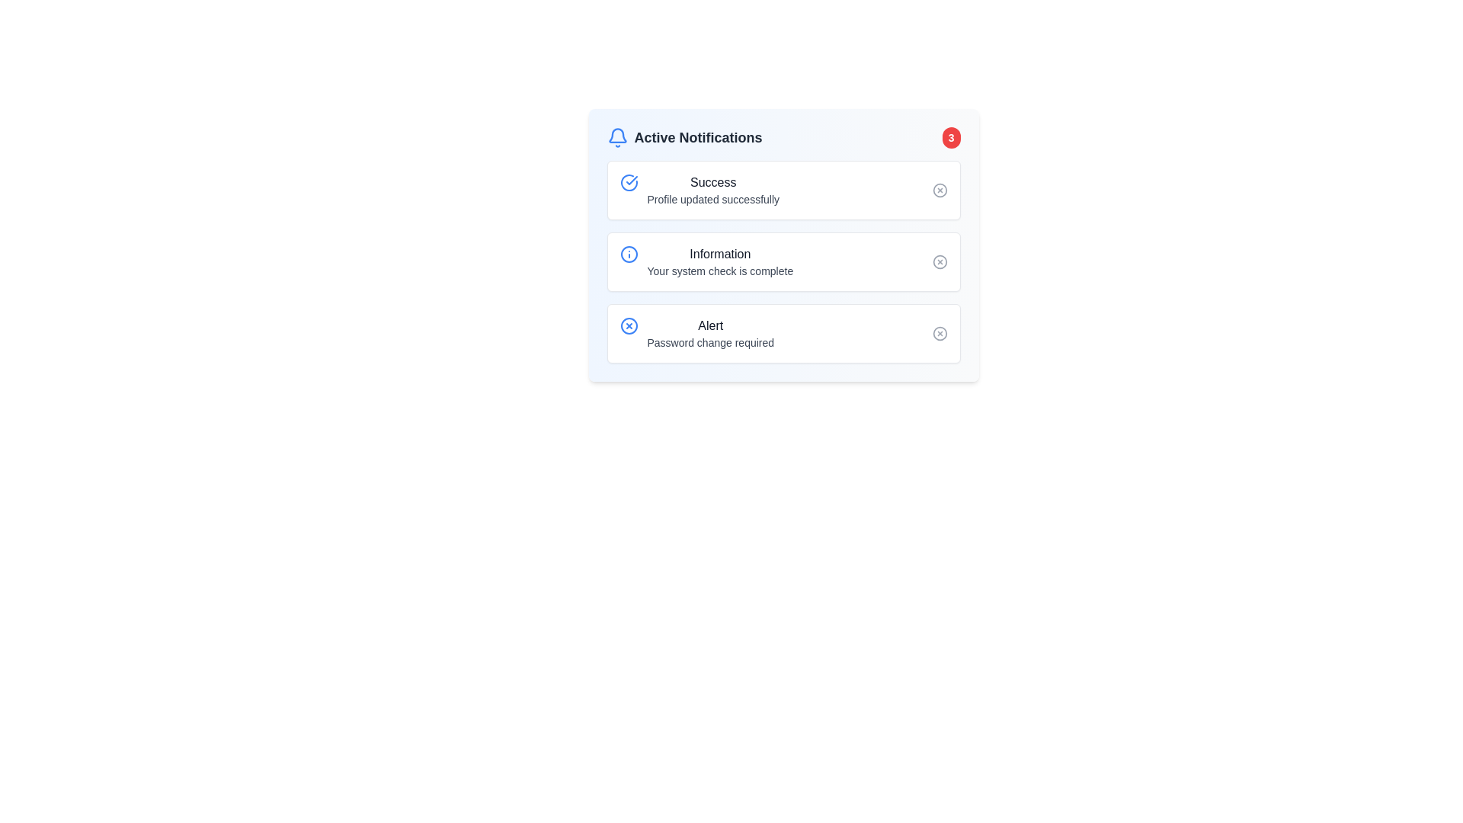  Describe the element at coordinates (709, 343) in the screenshot. I see `the text label element that displays 'Password change required', which is located below the 'Alert' label in the third notification box` at that location.